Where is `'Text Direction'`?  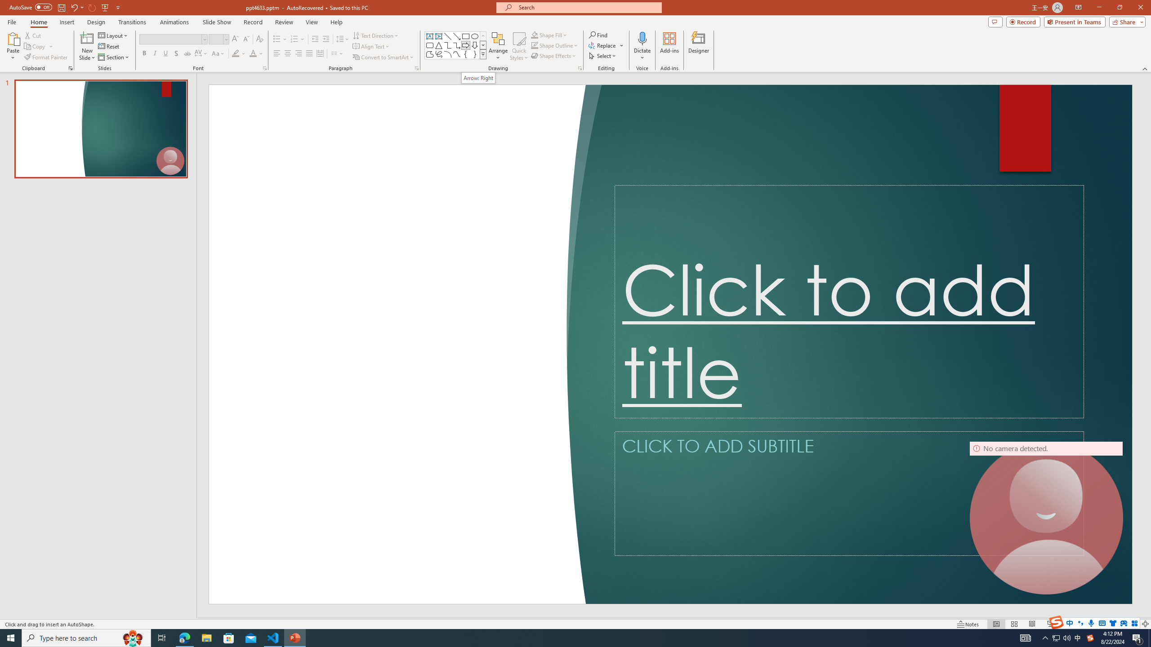 'Text Direction' is located at coordinates (376, 35).